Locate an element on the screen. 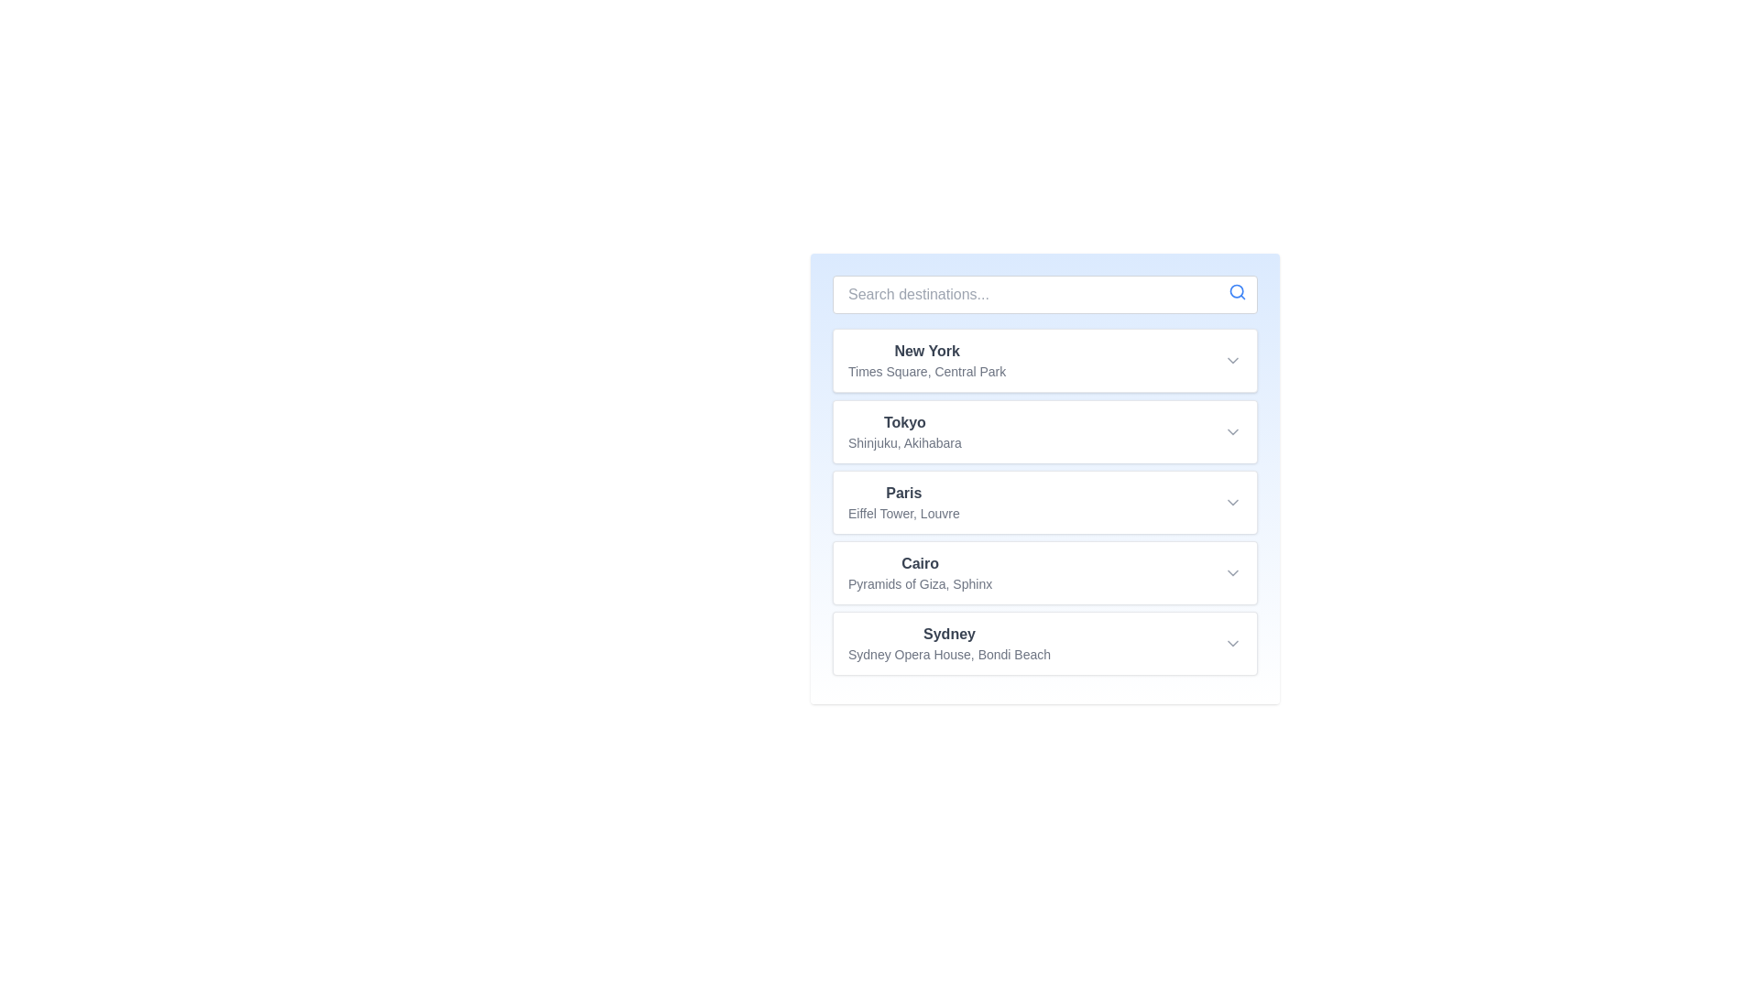  the light blue magnifying glass icon located in the top-right corner of the 'Search destinations...' input box is located at coordinates (1237, 291).